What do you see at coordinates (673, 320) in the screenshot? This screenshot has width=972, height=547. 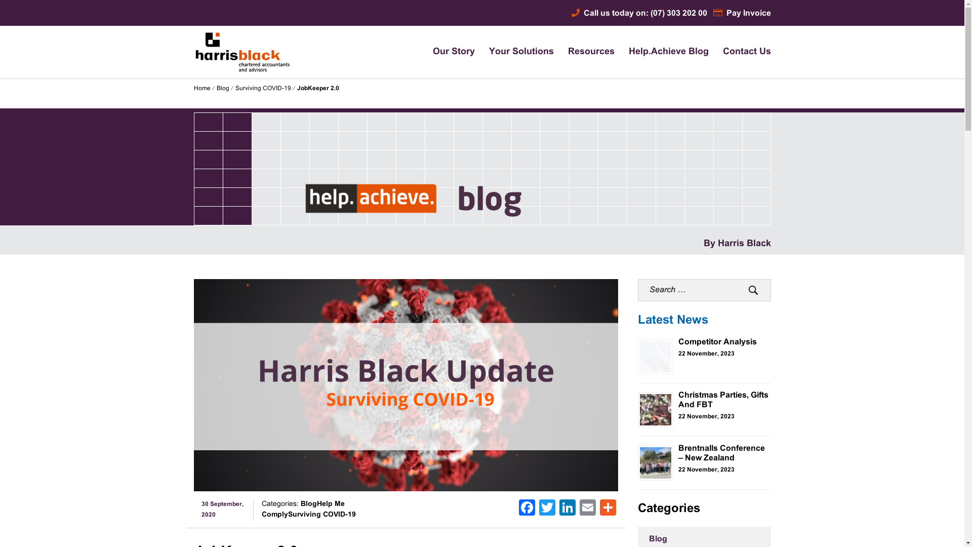 I see `'Latest News'` at bounding box center [673, 320].